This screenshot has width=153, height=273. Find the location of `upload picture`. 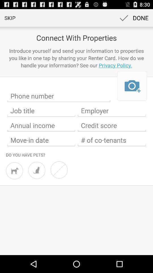

upload picture is located at coordinates (132, 86).